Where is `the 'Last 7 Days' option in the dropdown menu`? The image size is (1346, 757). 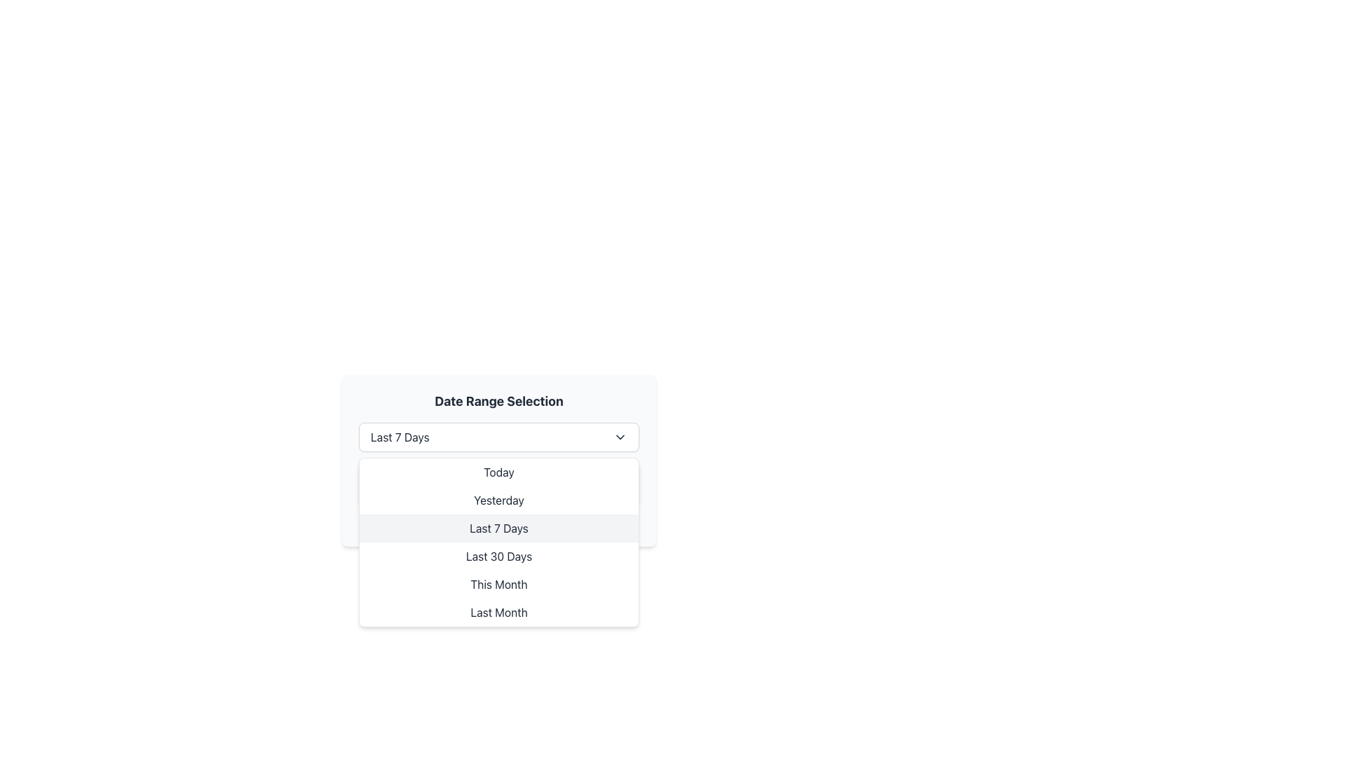
the 'Last 7 Days' option in the dropdown menu is located at coordinates (498, 528).